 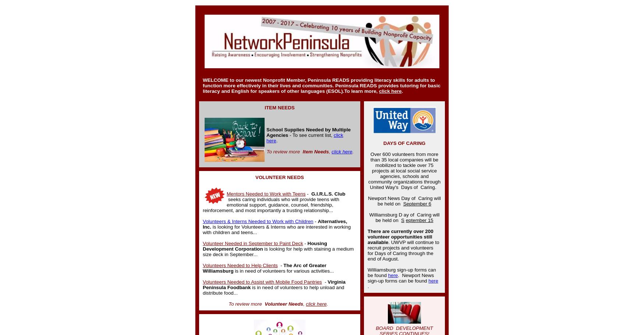 I want to click on 'VOLUNTEER NEEDS', so click(x=255, y=177).